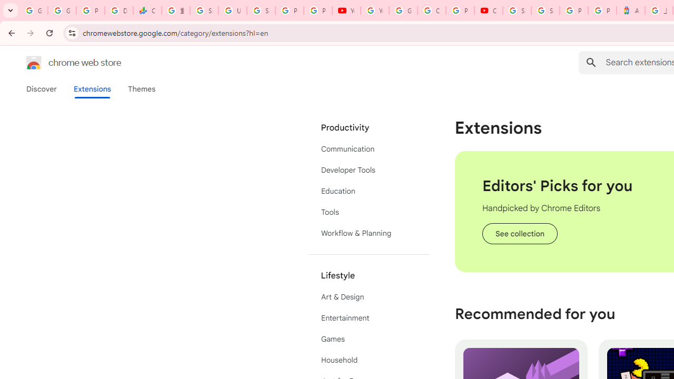 This screenshot has width=674, height=379. Describe the element at coordinates (42, 88) in the screenshot. I see `'Discover'` at that location.